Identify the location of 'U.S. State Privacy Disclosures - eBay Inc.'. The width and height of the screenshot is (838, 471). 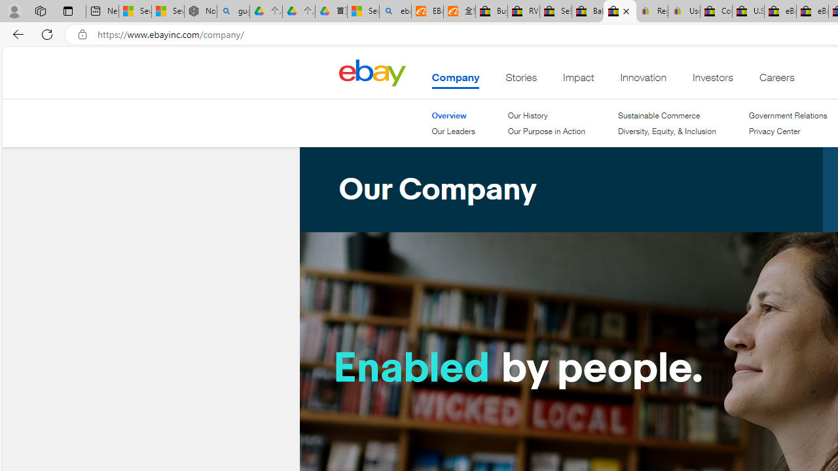
(748, 11).